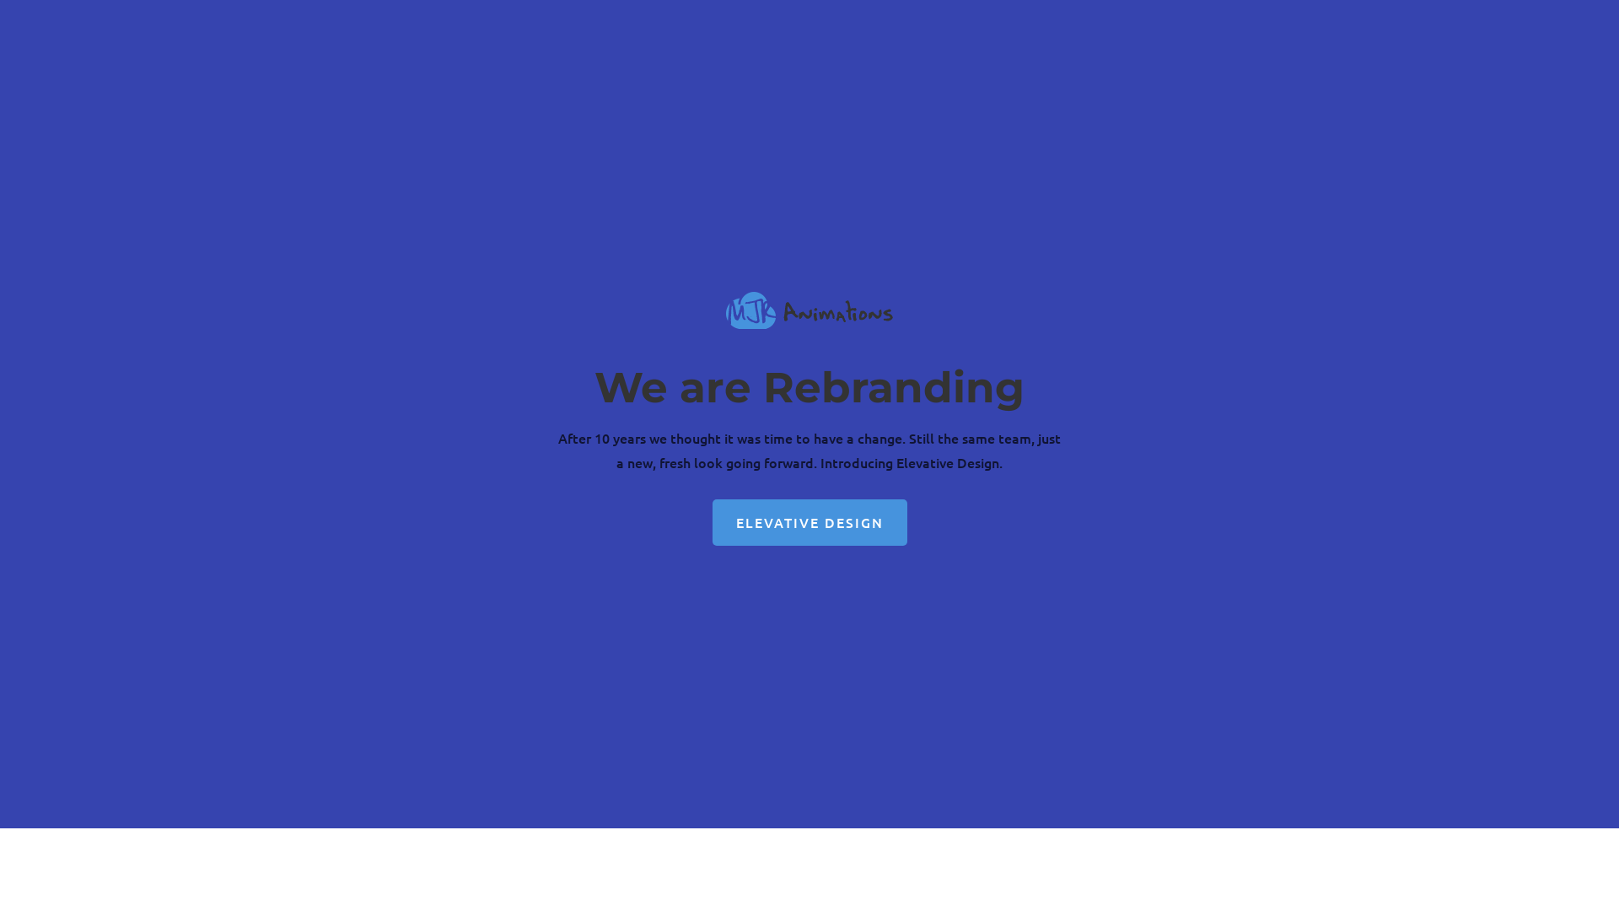 This screenshot has width=1619, height=911. Describe the element at coordinates (712, 521) in the screenshot. I see `'ELEVATIVE DESIGN'` at that location.